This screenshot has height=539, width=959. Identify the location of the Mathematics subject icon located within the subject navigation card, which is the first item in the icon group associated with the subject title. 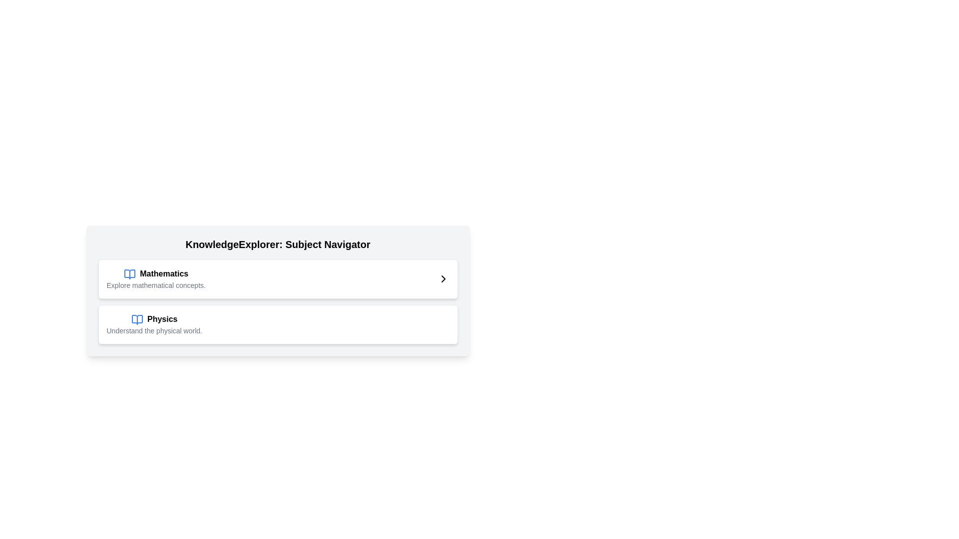
(129, 274).